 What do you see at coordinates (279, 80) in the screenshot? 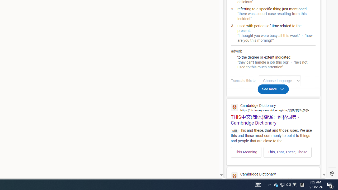
I see `'Translate this to Choose language'` at bounding box center [279, 80].